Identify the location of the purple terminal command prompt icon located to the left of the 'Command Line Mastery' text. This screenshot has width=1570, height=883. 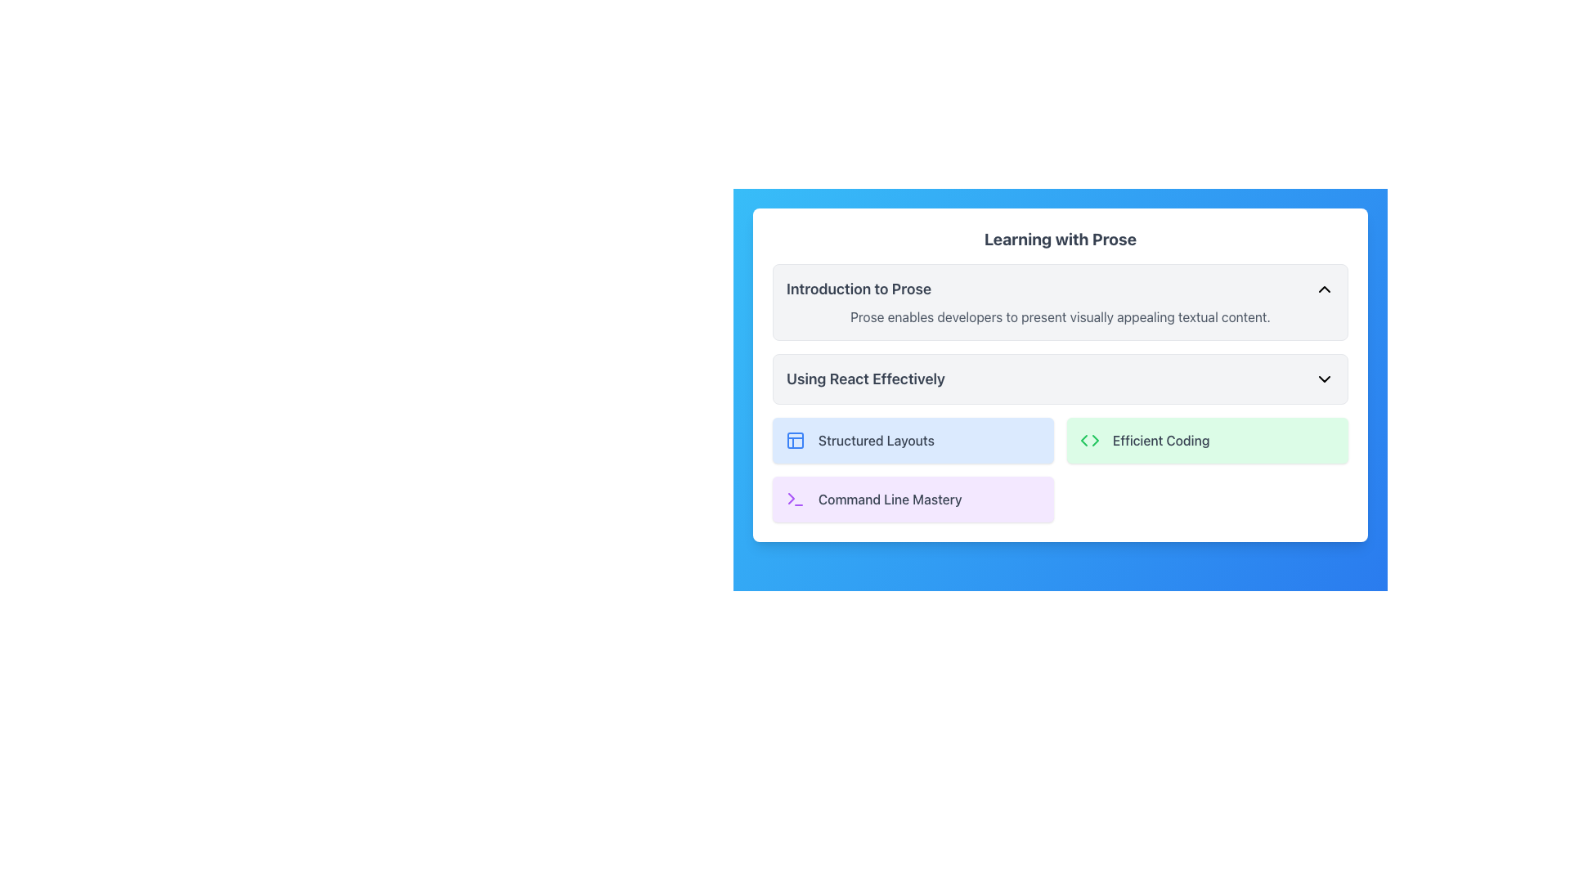
(796, 498).